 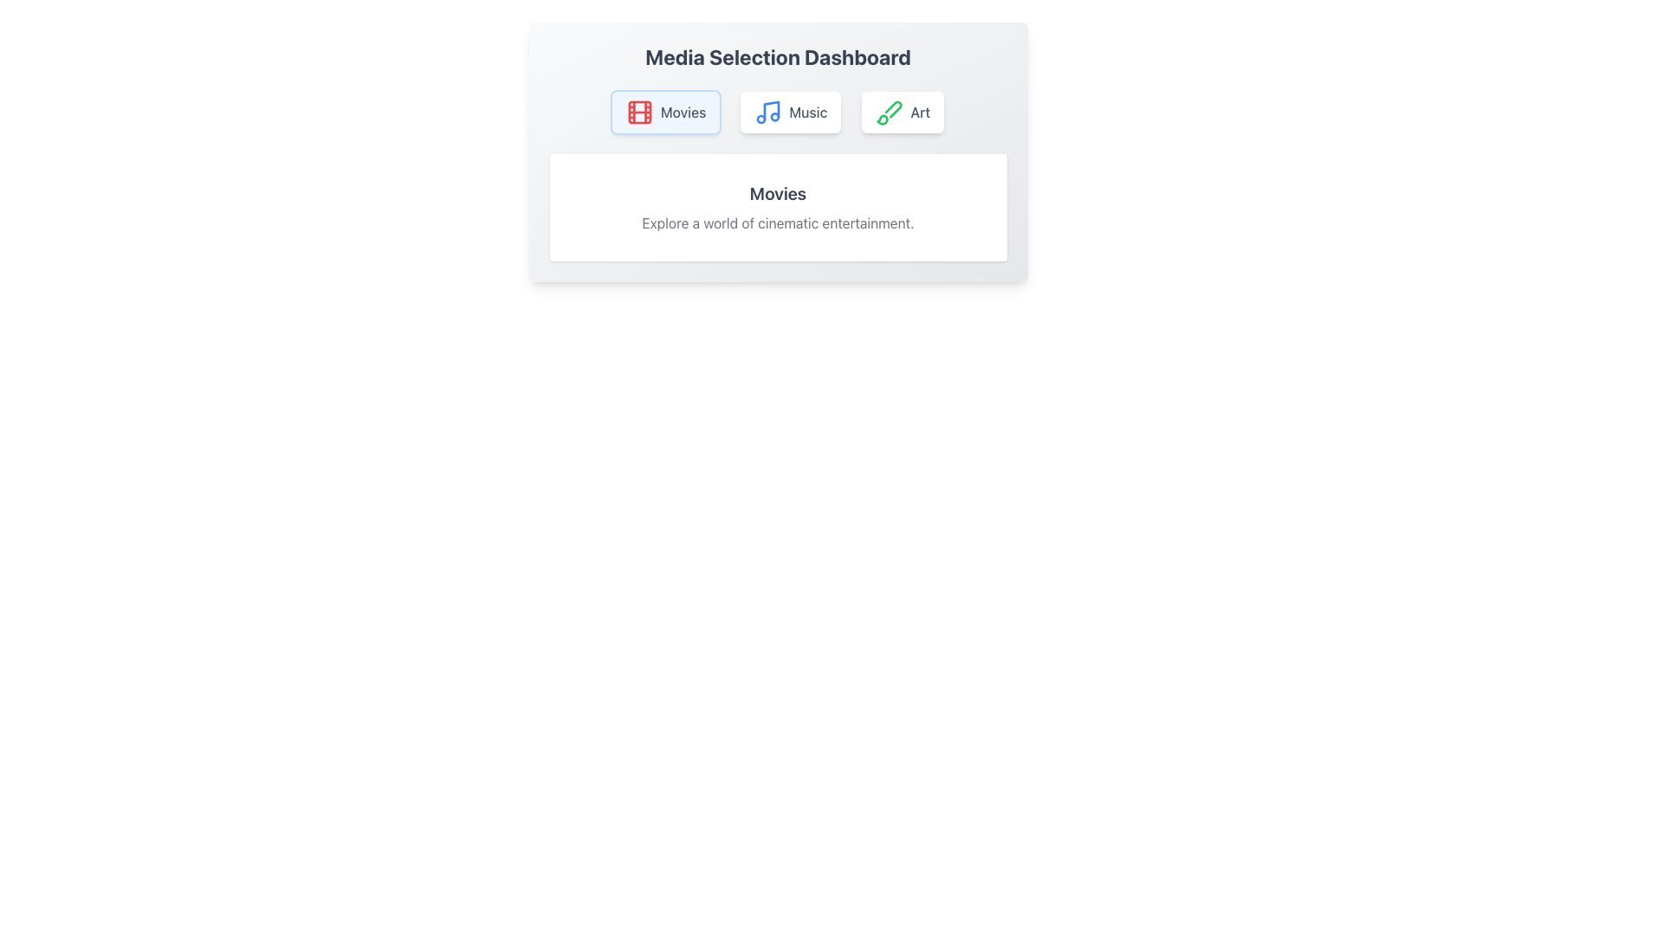 I want to click on the 'Movies' icon located on the left side of the 'Movies' button, so click(x=638, y=113).